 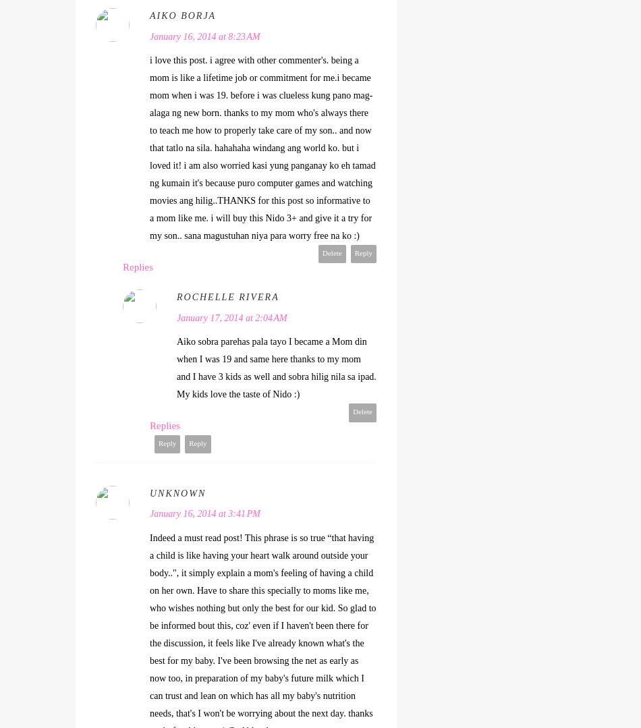 What do you see at coordinates (227, 297) in the screenshot?
I see `'Rochelle Rivera'` at bounding box center [227, 297].